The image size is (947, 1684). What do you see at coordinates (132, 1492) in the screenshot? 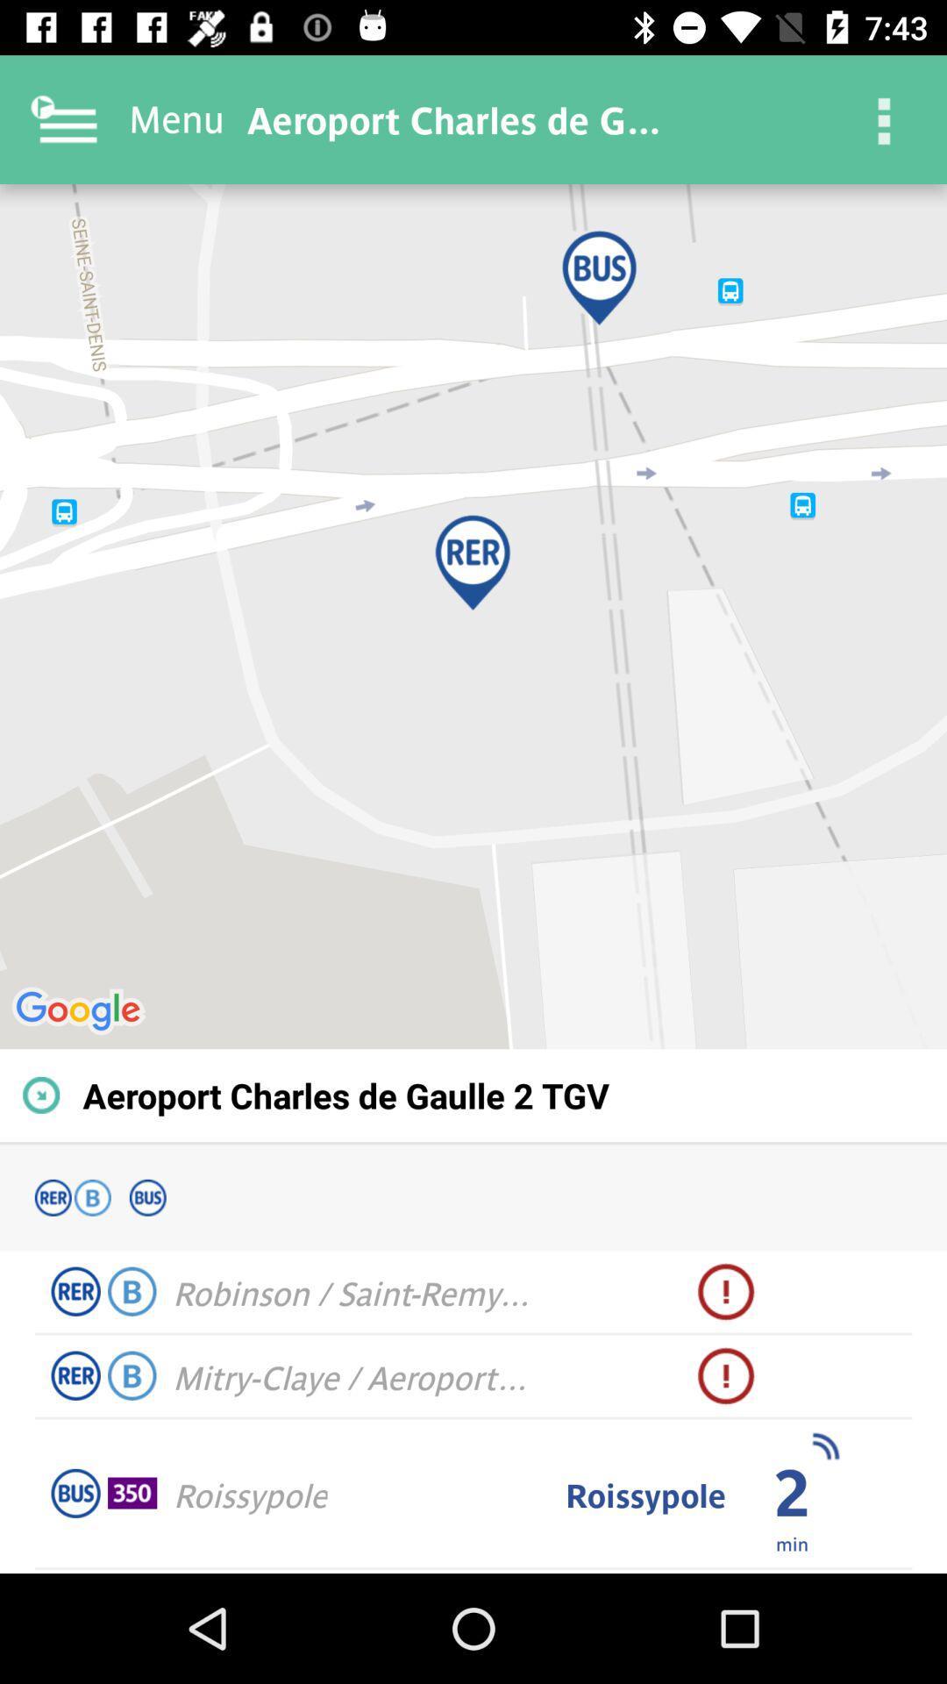
I see `item to the left of roissypole item` at bounding box center [132, 1492].